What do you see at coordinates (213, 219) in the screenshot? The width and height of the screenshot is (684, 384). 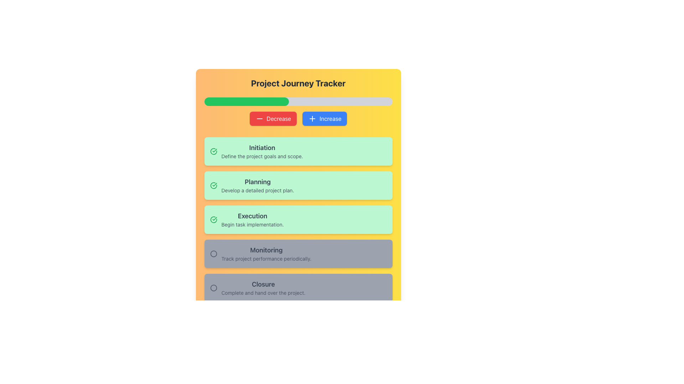 I see `the completion icon located in the 'Execution' card, which serves as a visual indicator for task verification` at bounding box center [213, 219].